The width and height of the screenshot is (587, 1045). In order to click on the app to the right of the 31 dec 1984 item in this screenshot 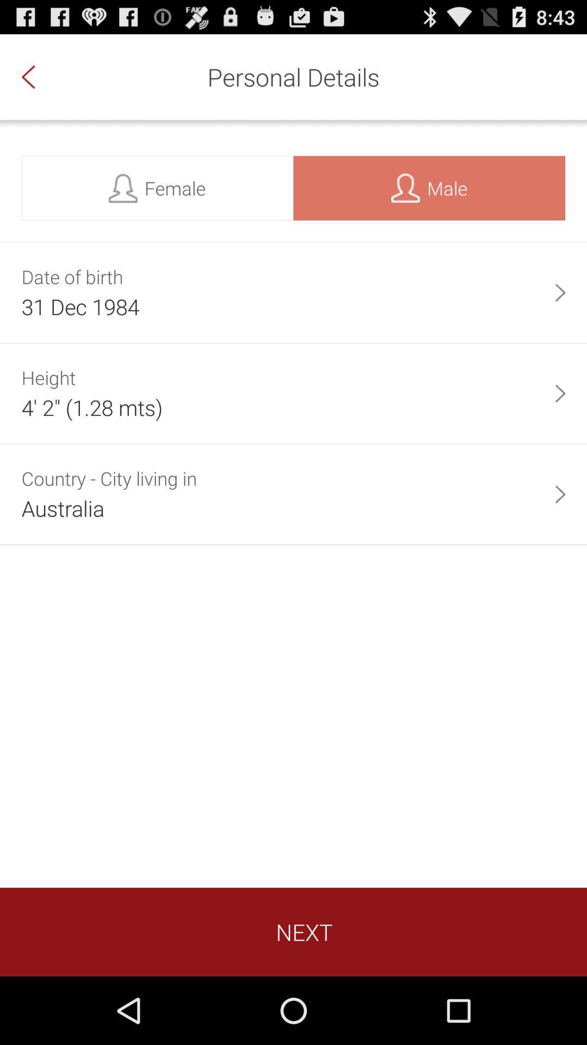, I will do `click(560, 292)`.